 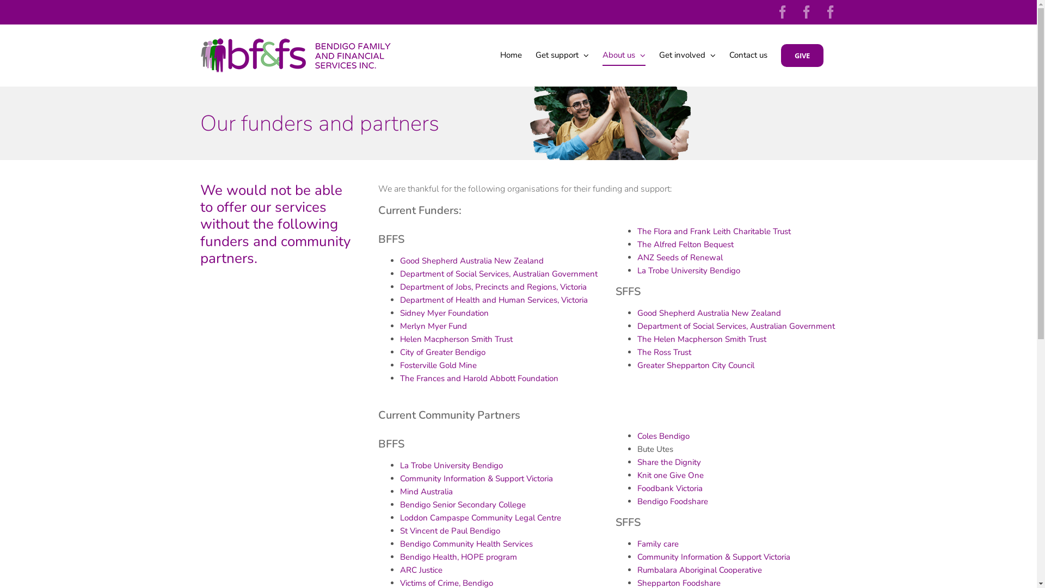 What do you see at coordinates (663, 352) in the screenshot?
I see `'The Ross Trust'` at bounding box center [663, 352].